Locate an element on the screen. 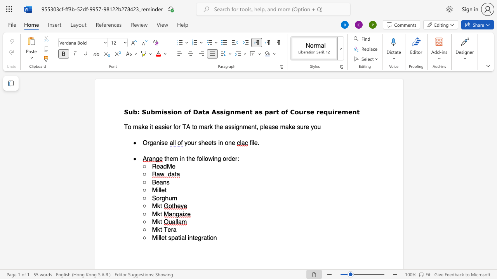  the space between the continuous character "s" and "i" in the text is located at coordinates (170, 112).